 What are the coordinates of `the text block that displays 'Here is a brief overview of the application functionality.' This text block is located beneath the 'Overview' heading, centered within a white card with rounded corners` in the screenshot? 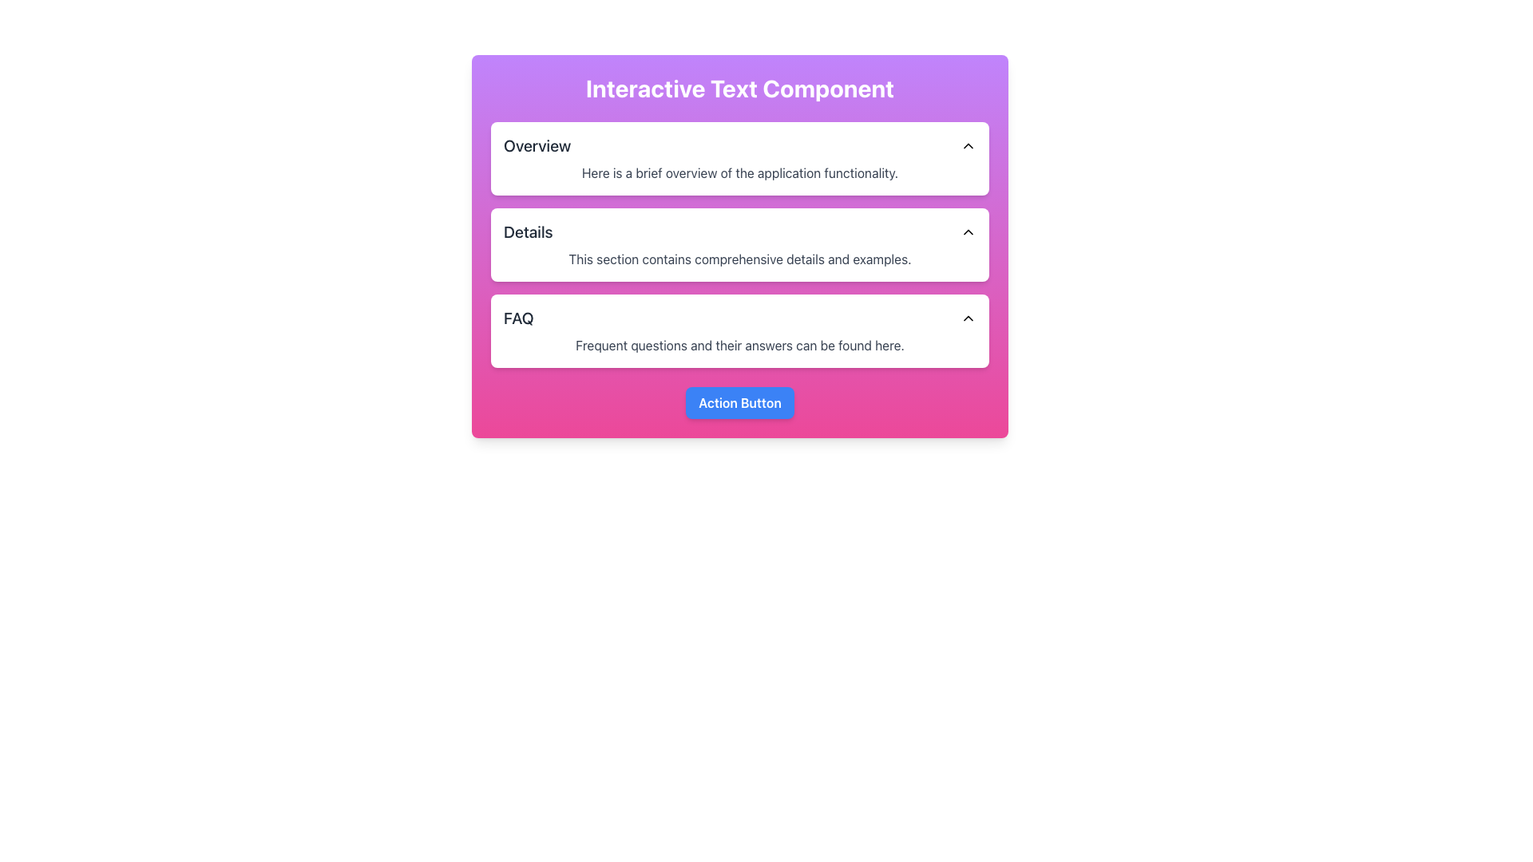 It's located at (739, 172).